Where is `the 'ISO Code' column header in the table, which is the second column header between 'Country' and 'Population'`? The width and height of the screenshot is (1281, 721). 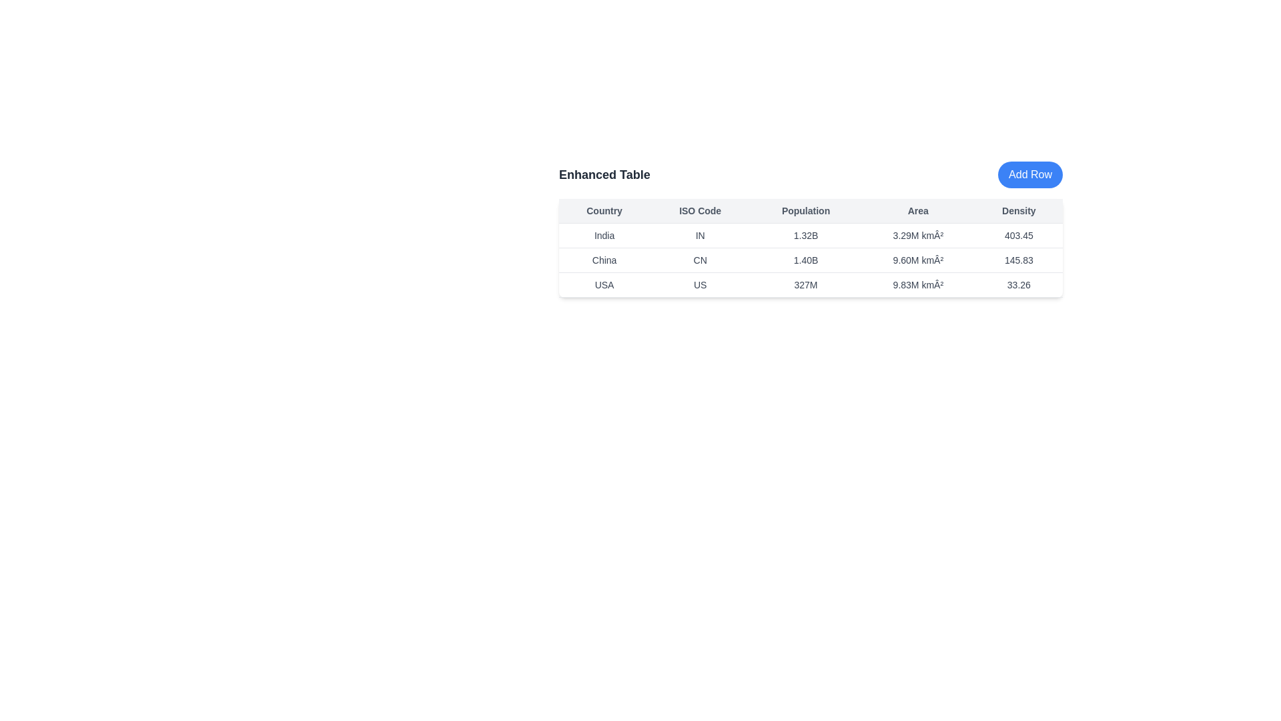 the 'ISO Code' column header in the table, which is the second column header between 'Country' and 'Population' is located at coordinates (699, 210).